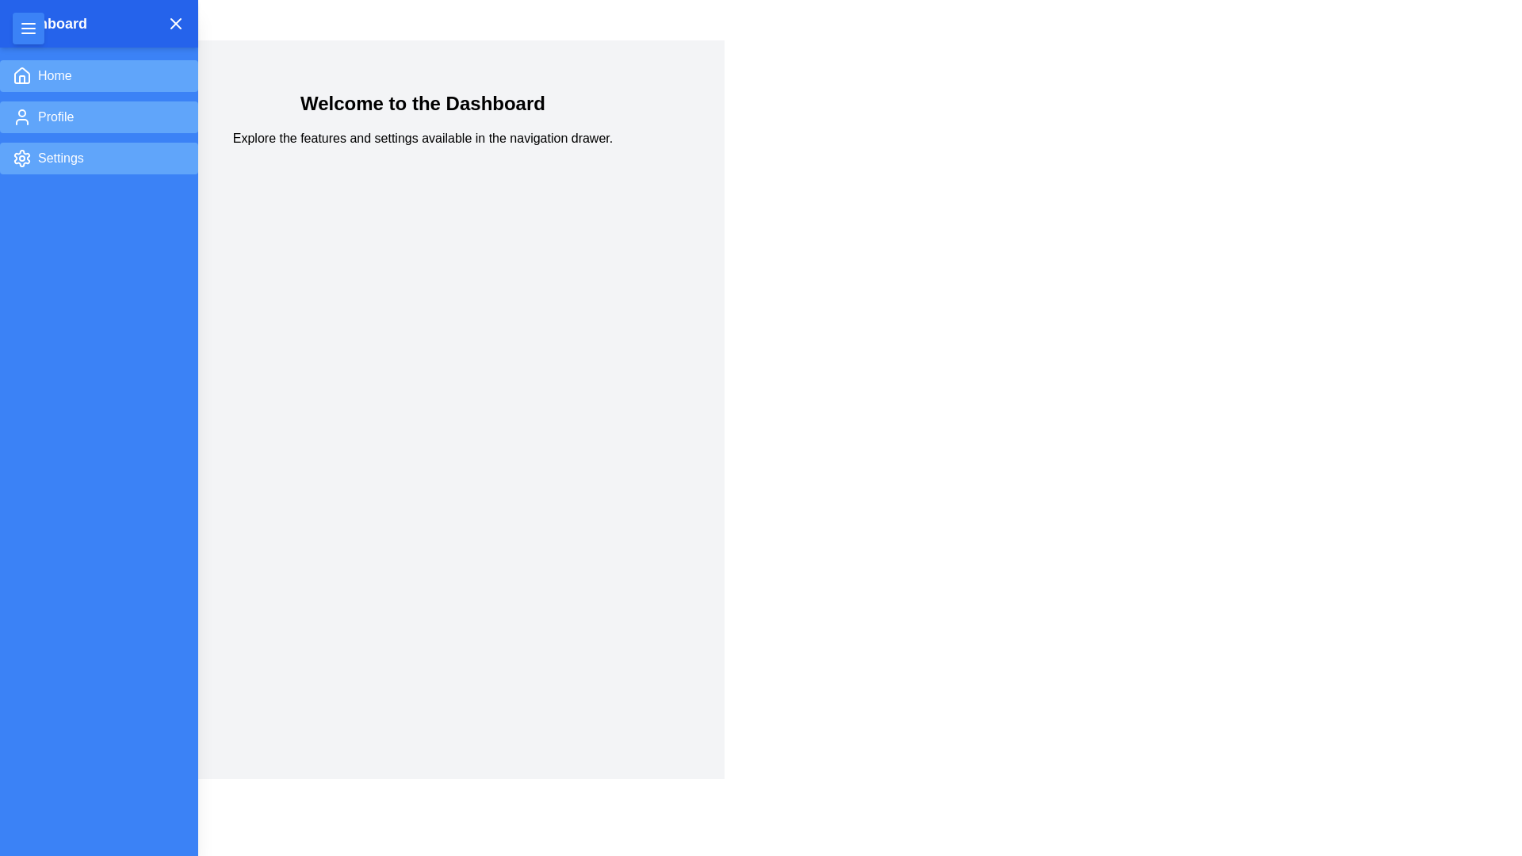  Describe the element at coordinates (423, 137) in the screenshot. I see `the static text element that reads 'Explore the features and settings available in the navigation drawer.', which is positioned below the welcome message on the dashboard` at that location.